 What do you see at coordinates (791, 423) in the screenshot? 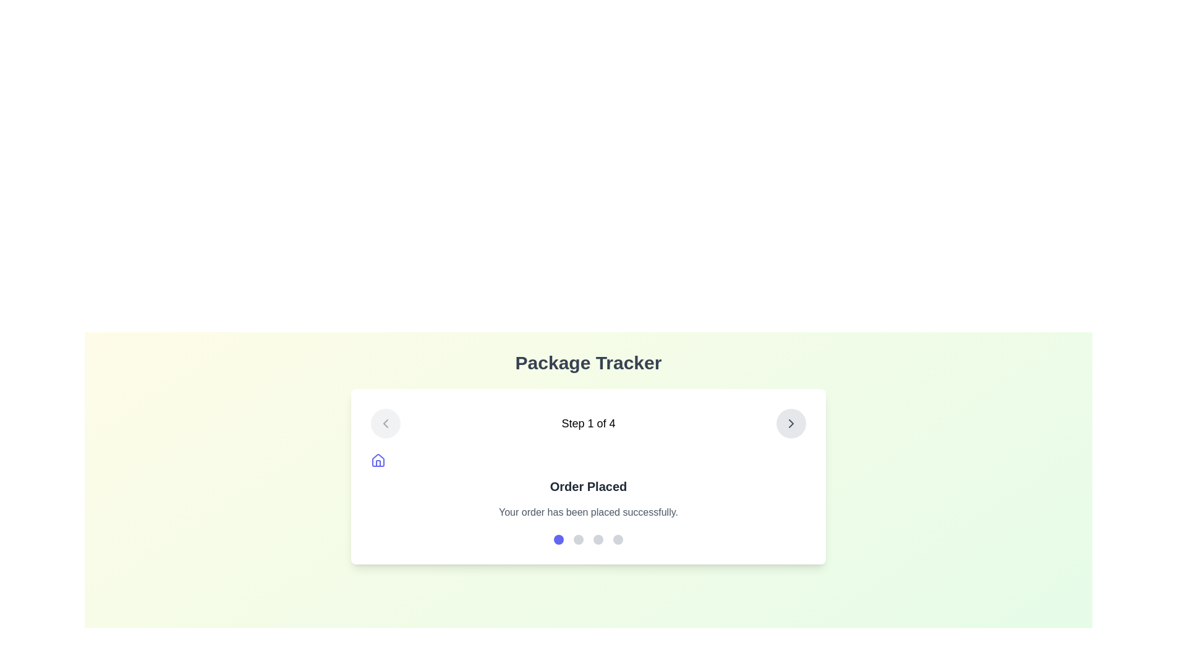
I see `the chevron-shaped icon located in the top right corner of the card` at bounding box center [791, 423].